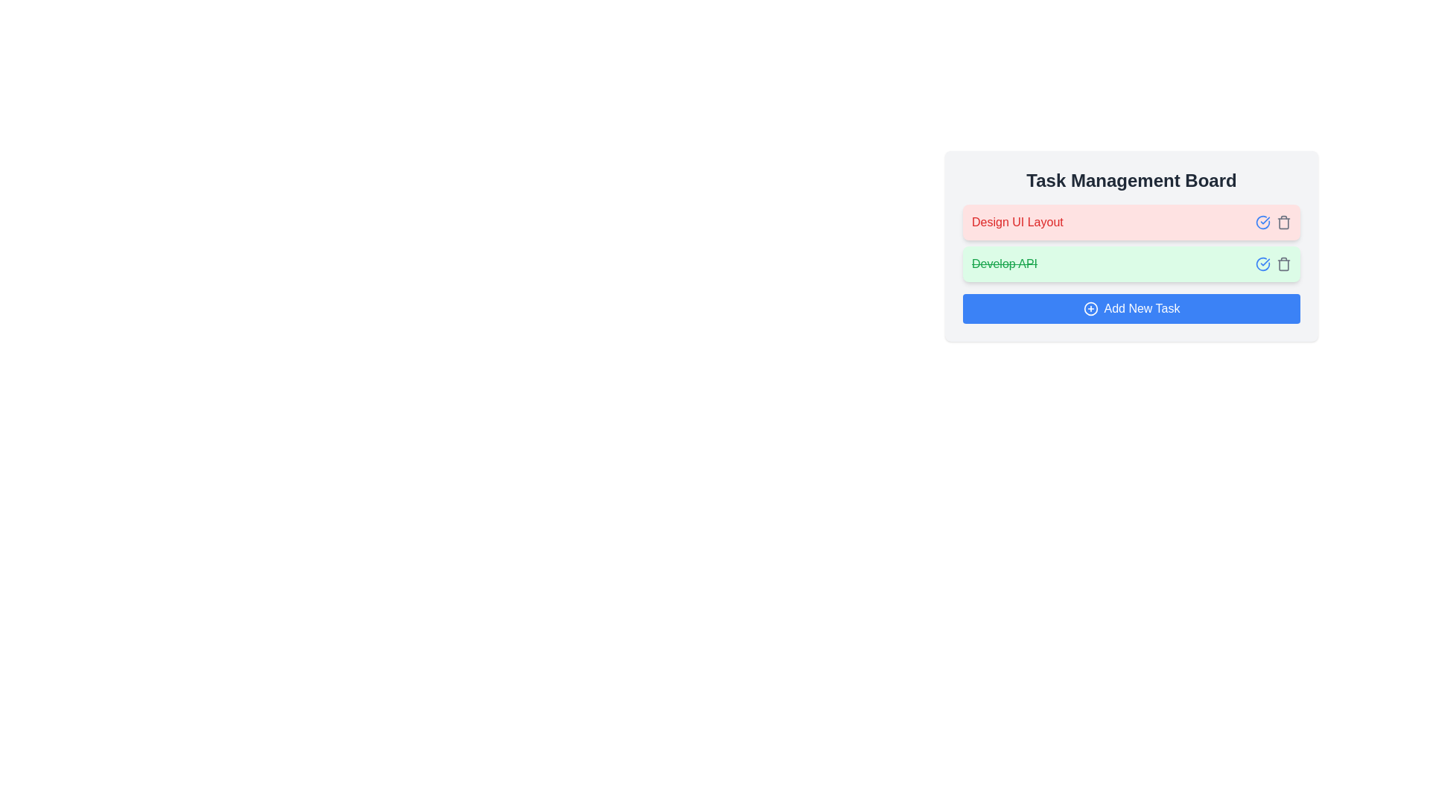 The width and height of the screenshot is (1430, 804). Describe the element at coordinates (1283, 263) in the screenshot. I see `the trash bin icon styled in gray, which is the third interactive icon in the group of controls for the 'Develop API' task line` at that location.